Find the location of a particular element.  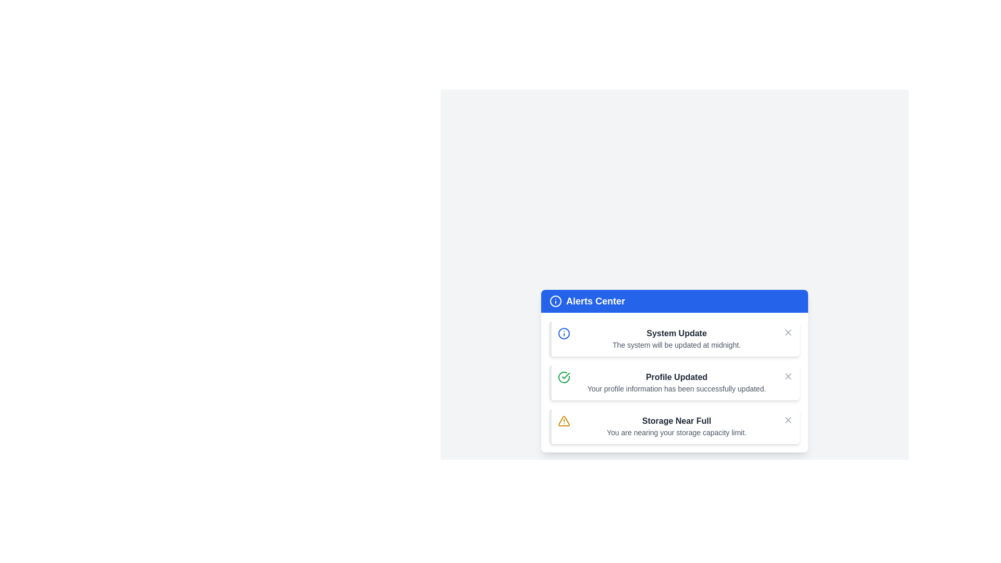

the 'Storage Near Full' notification headline, which is styled with bold font and dark gray color, located within the Alerts Center modal is located at coordinates (676, 420).